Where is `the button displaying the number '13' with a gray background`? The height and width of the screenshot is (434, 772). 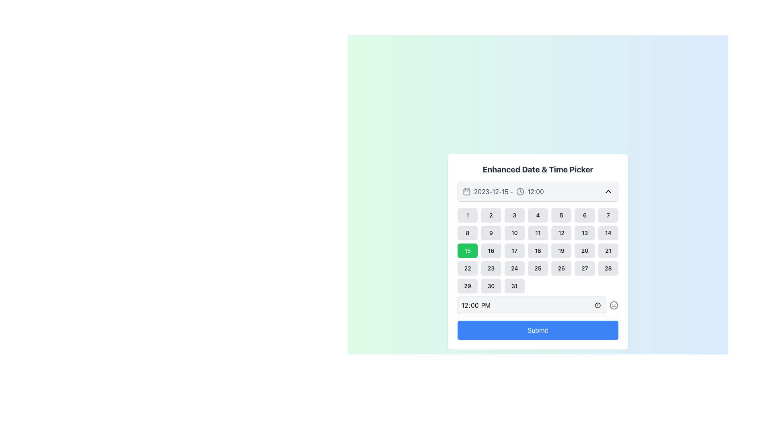 the button displaying the number '13' with a gray background is located at coordinates (585, 233).